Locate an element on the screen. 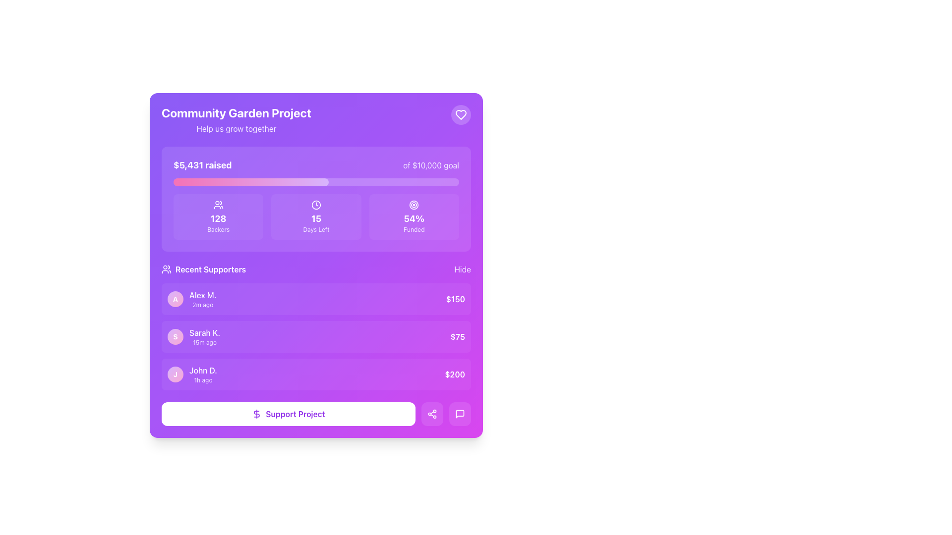  the interactive button located in the top-right corner of the 'Community Garden Project' card to interact with it is located at coordinates (461, 114).